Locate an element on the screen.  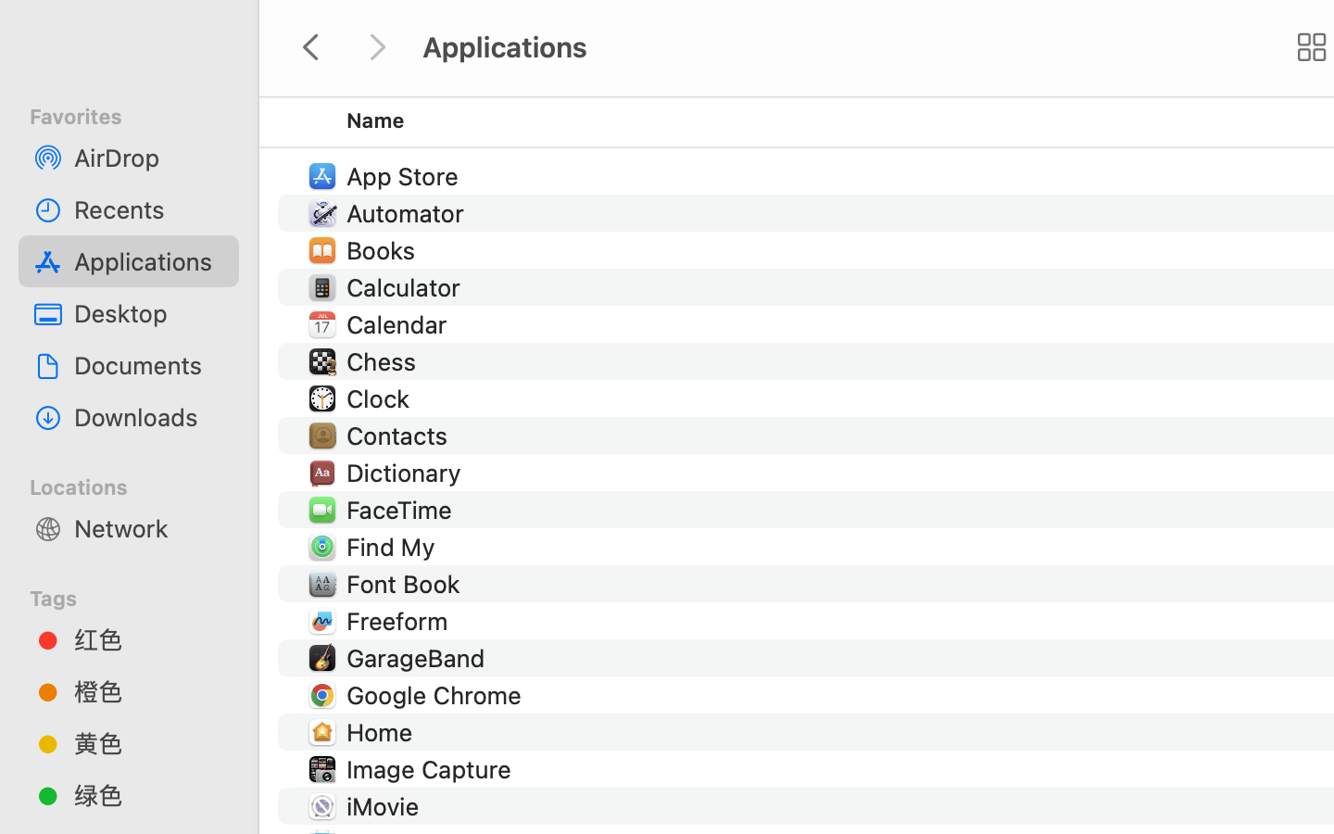
'Image Capture' is located at coordinates (432, 768).